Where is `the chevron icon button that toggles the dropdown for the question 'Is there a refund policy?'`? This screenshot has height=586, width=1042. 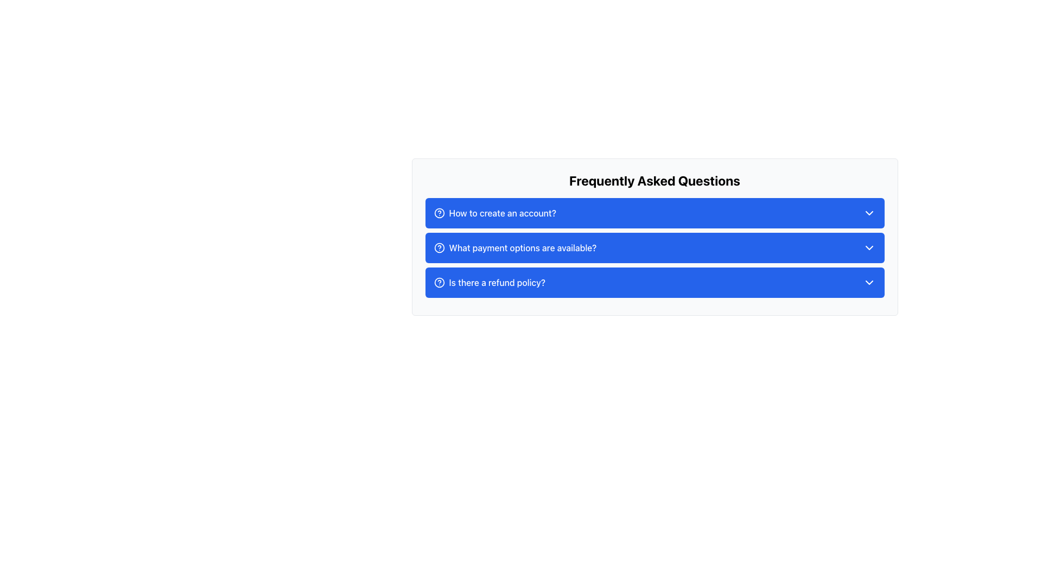
the chevron icon button that toggles the dropdown for the question 'Is there a refund policy?' is located at coordinates (869, 282).